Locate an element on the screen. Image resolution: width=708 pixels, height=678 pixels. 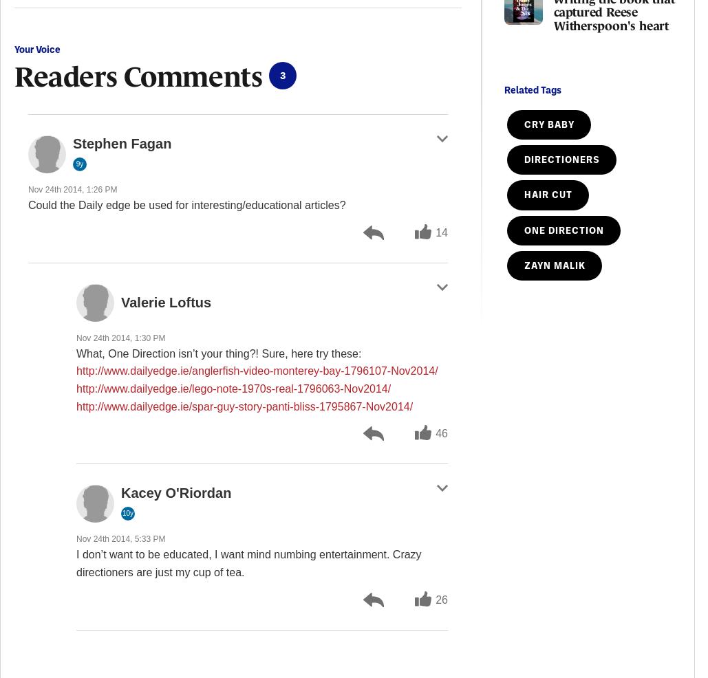
'Readers Comments' is located at coordinates (138, 74).